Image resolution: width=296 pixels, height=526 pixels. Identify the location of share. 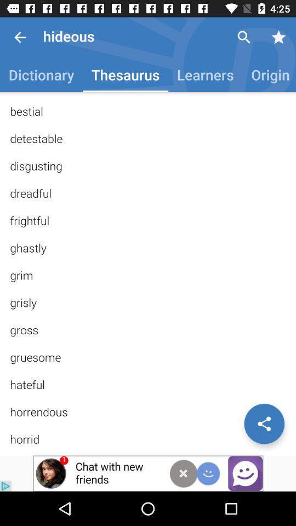
(264, 423).